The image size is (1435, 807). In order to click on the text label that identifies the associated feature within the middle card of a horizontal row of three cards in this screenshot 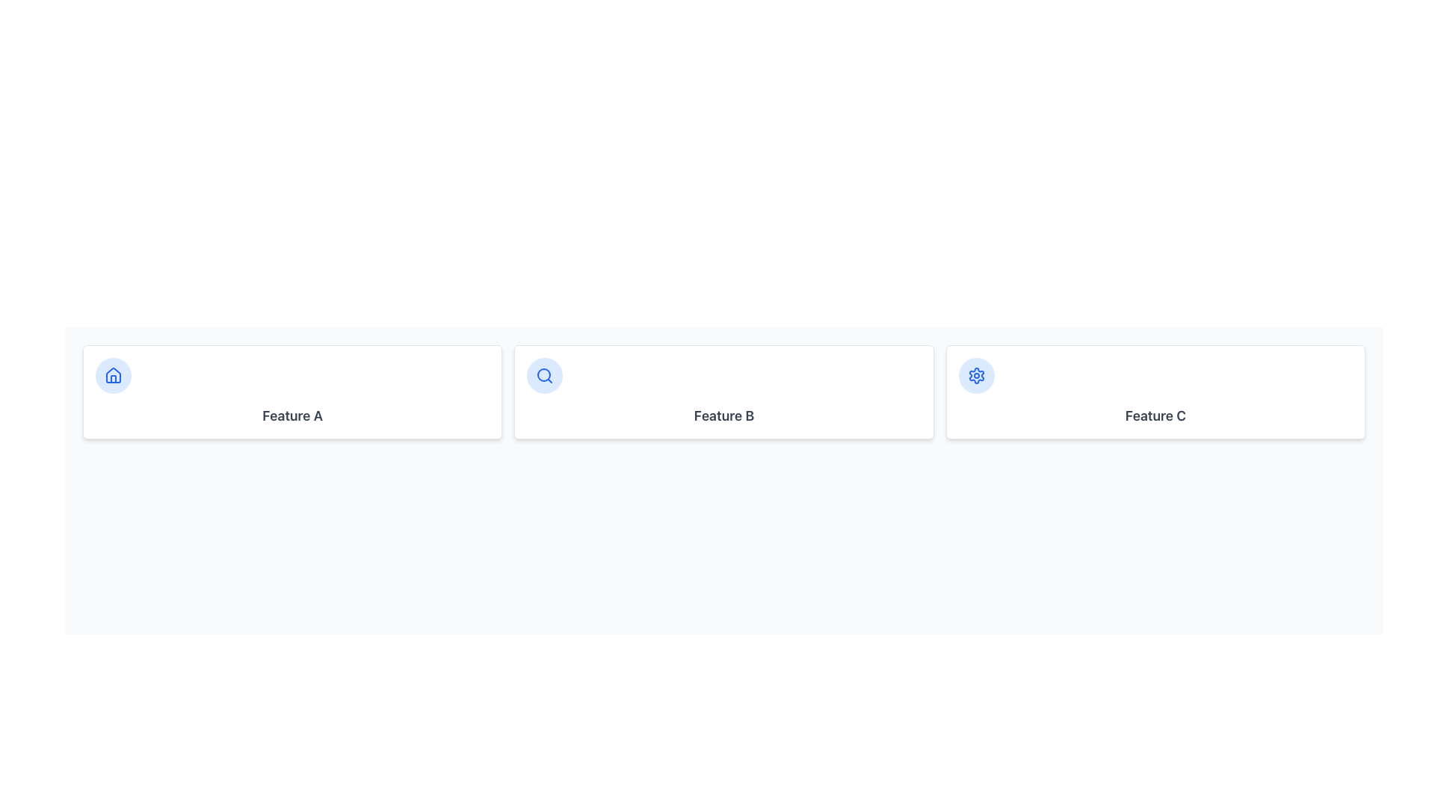, I will do `click(724, 415)`.